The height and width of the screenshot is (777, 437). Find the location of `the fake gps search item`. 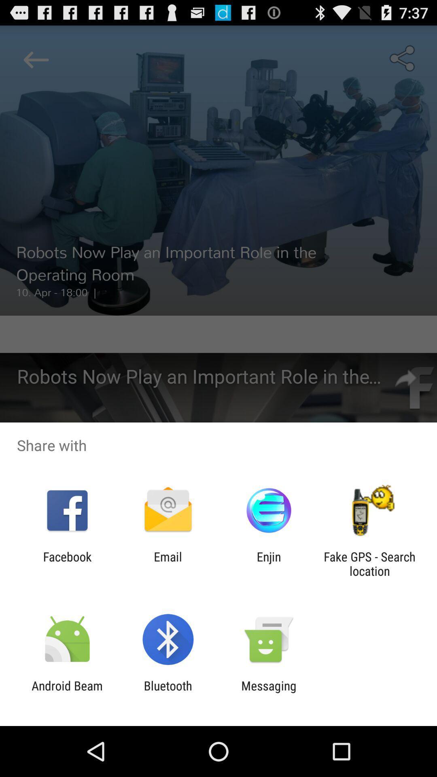

the fake gps search item is located at coordinates (369, 563).